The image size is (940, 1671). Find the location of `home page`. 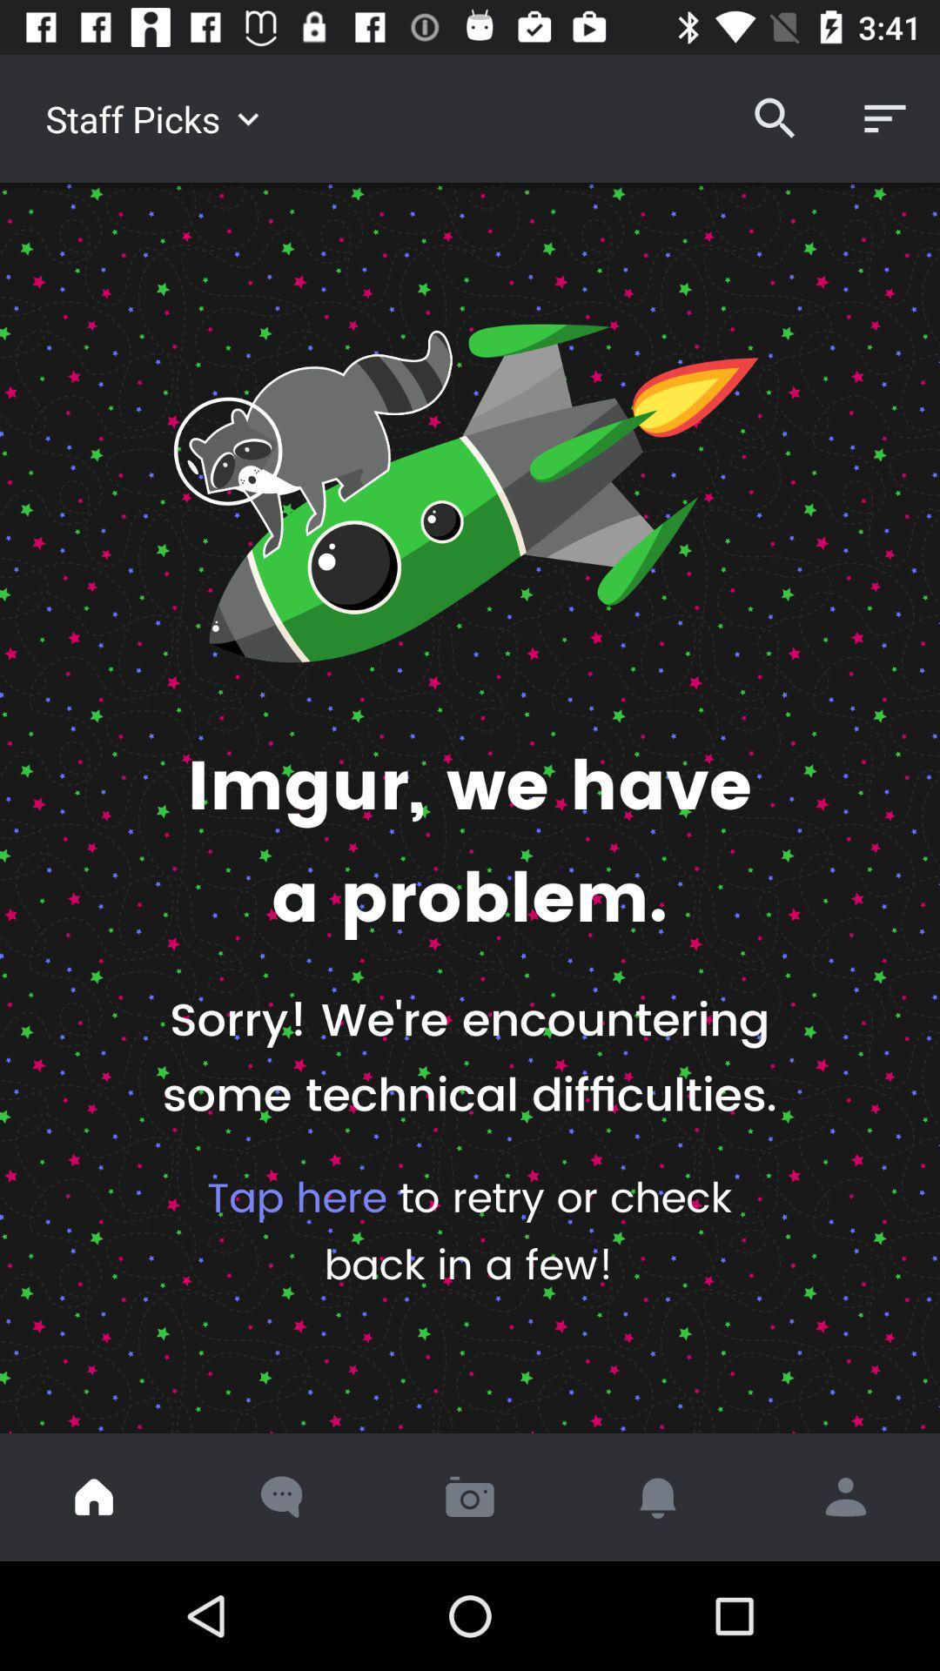

home page is located at coordinates (94, 1496).